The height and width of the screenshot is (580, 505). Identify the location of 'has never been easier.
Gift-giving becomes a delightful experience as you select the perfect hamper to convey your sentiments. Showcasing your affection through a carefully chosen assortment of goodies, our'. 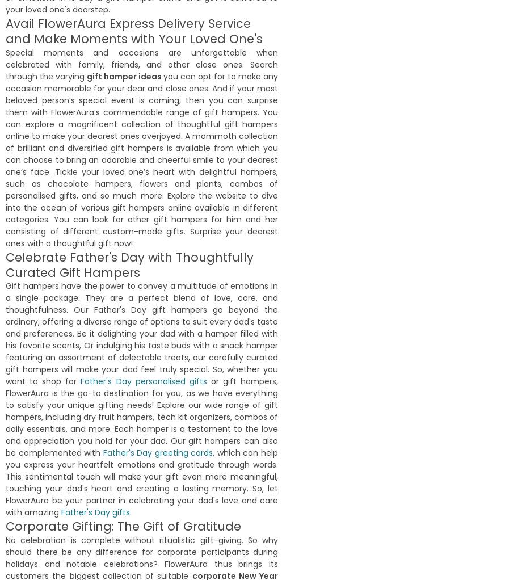
(5, 468).